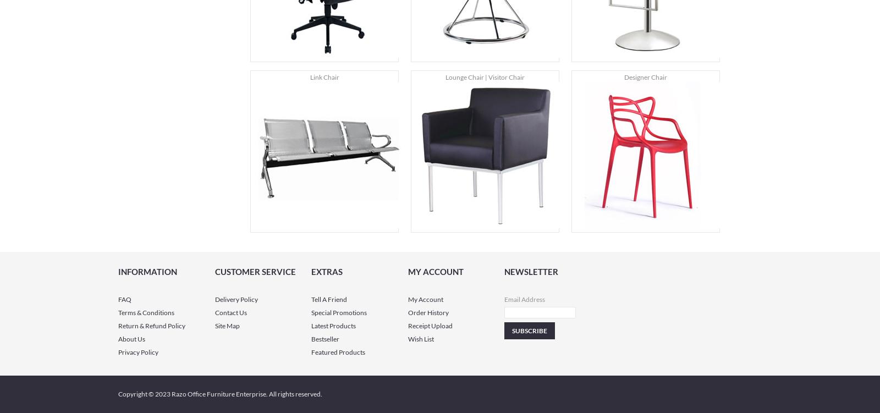  What do you see at coordinates (118, 272) in the screenshot?
I see `'Information'` at bounding box center [118, 272].